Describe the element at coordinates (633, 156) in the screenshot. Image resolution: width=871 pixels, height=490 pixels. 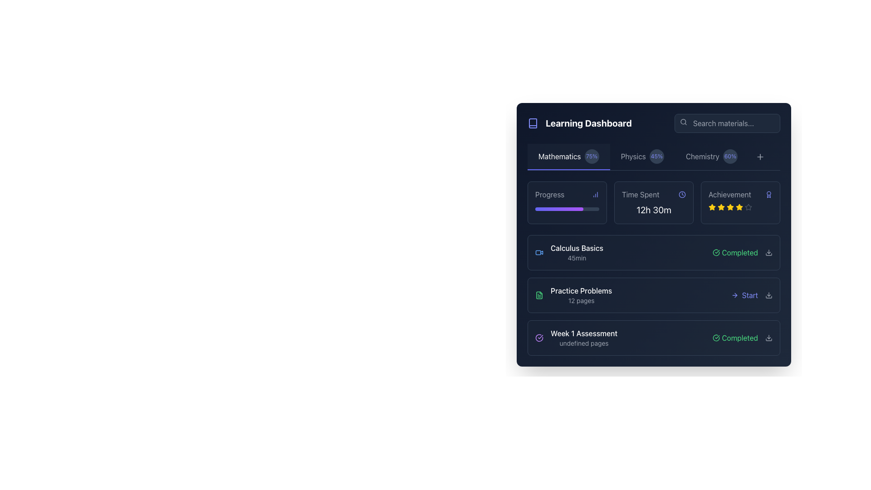
I see `the 'Physics' tab label located between the 'Mathematics' tab and the circular badge showing '45%'` at that location.